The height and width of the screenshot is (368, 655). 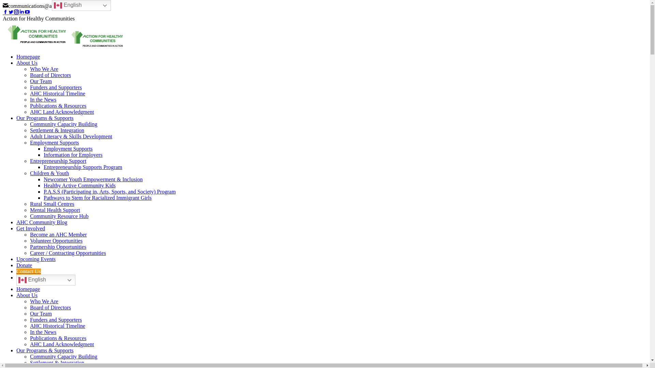 I want to click on 'In the News', so click(x=43, y=99).